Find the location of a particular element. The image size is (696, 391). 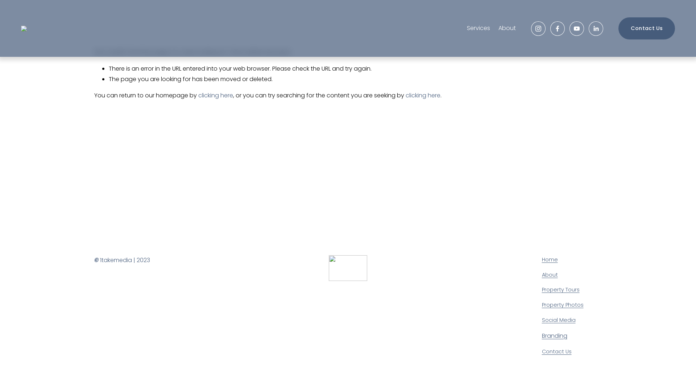

'Services' is located at coordinates (478, 28).